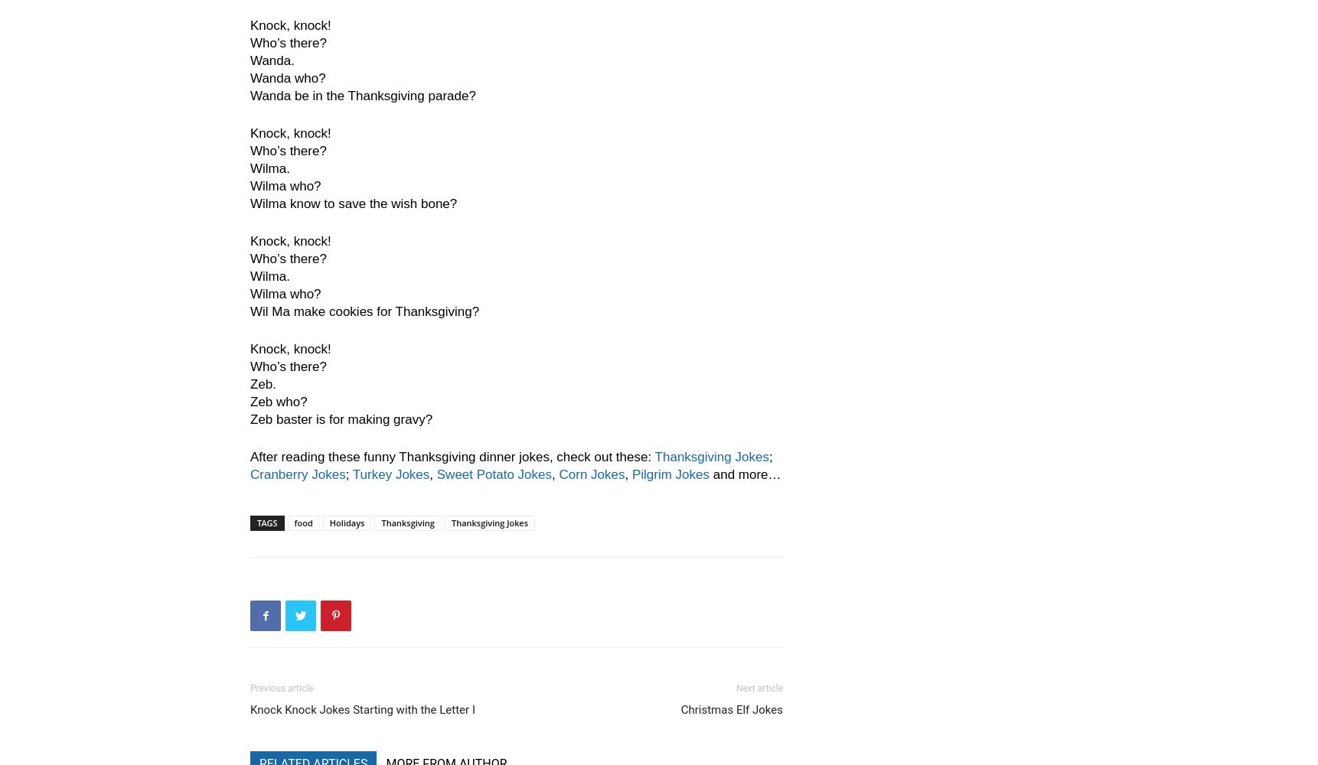  I want to click on 'Wanda who?', so click(288, 77).